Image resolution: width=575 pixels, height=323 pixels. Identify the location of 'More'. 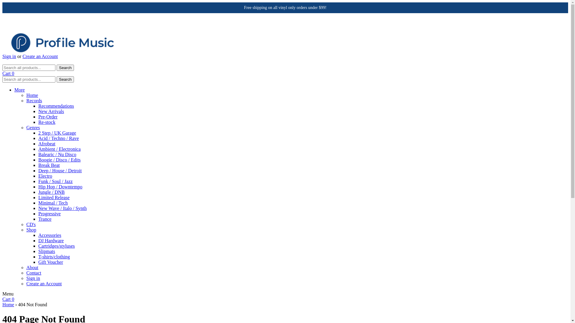
(19, 90).